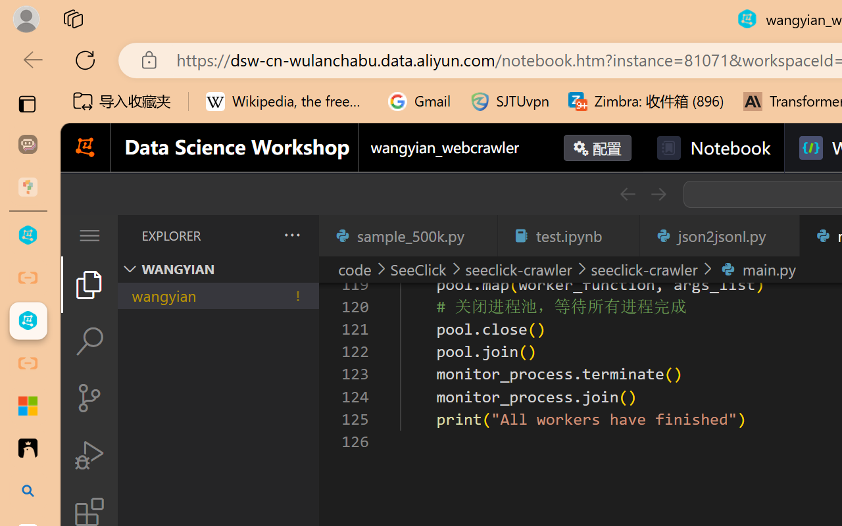  I want to click on 'test.ipynb', so click(568, 235).